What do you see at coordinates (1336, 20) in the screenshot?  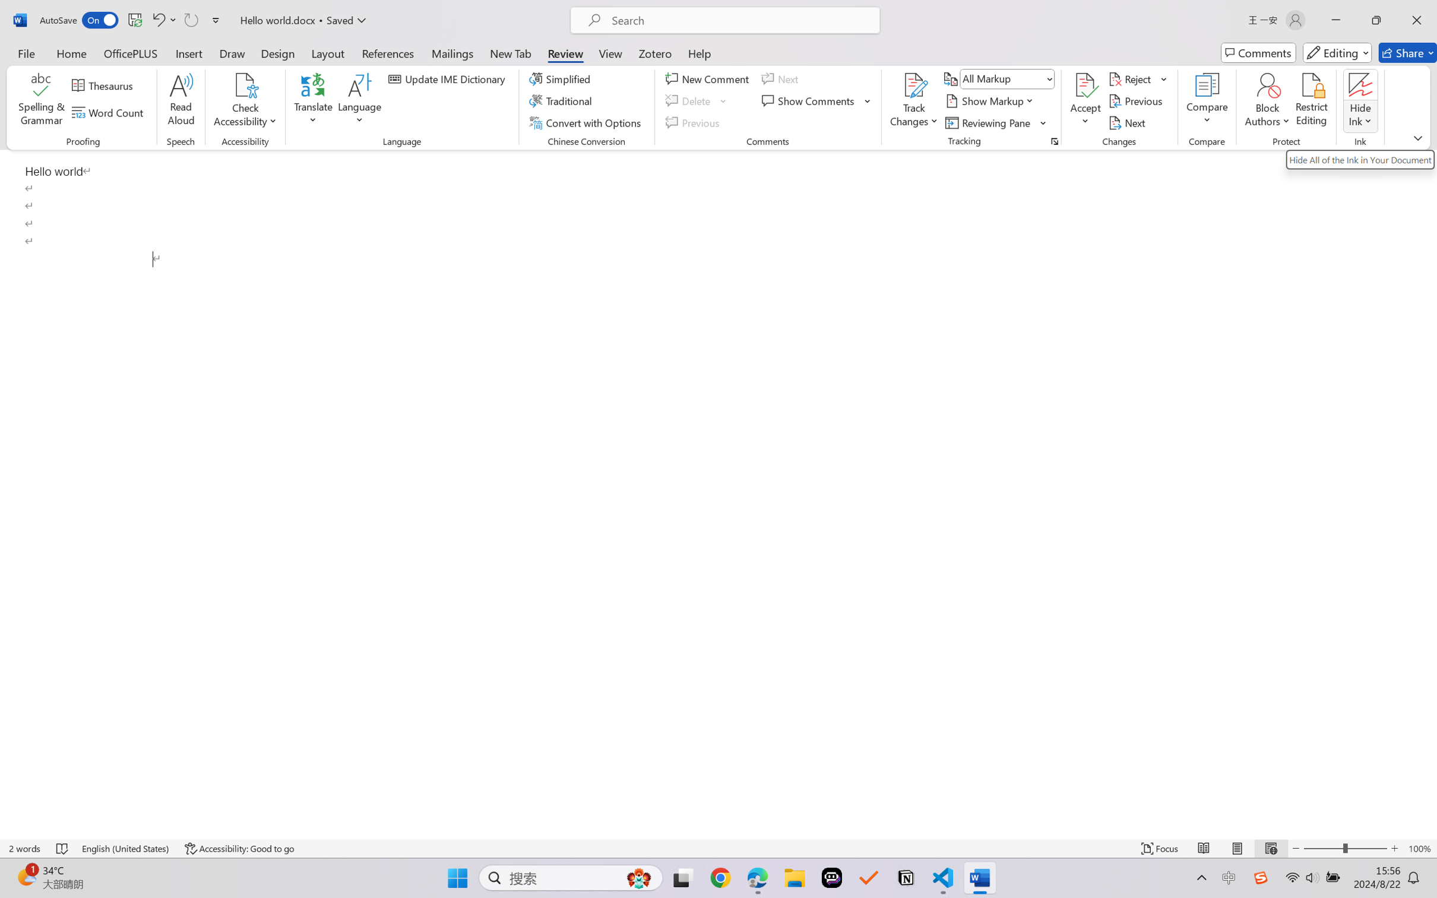 I see `'Minimize'` at bounding box center [1336, 20].